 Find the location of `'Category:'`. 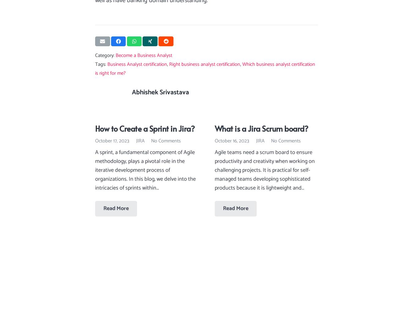

'Category:' is located at coordinates (105, 55).